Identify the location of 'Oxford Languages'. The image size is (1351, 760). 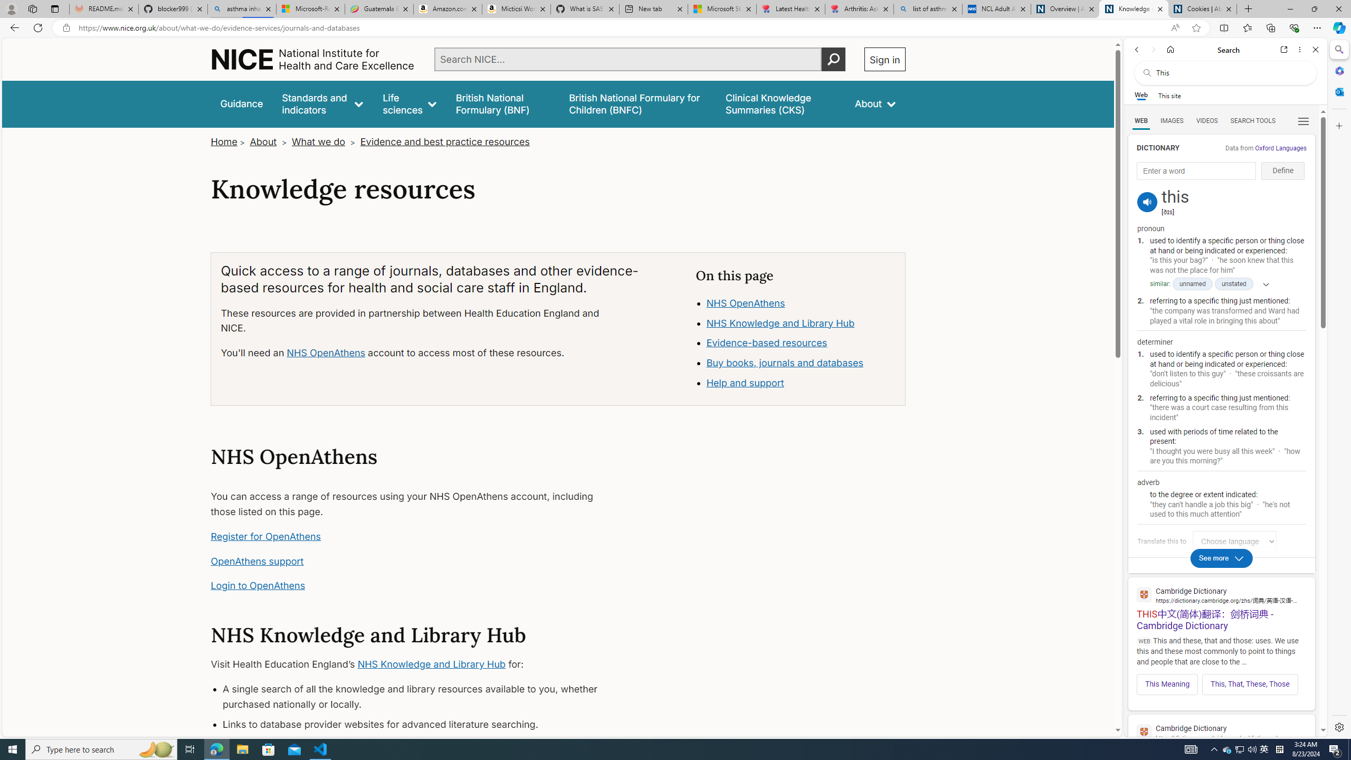
(1280, 147).